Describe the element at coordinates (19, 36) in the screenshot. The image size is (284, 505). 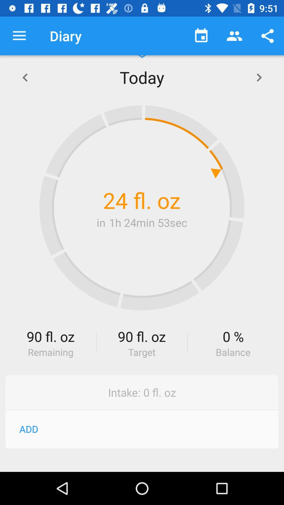
I see `icon to the left of the diary` at that location.